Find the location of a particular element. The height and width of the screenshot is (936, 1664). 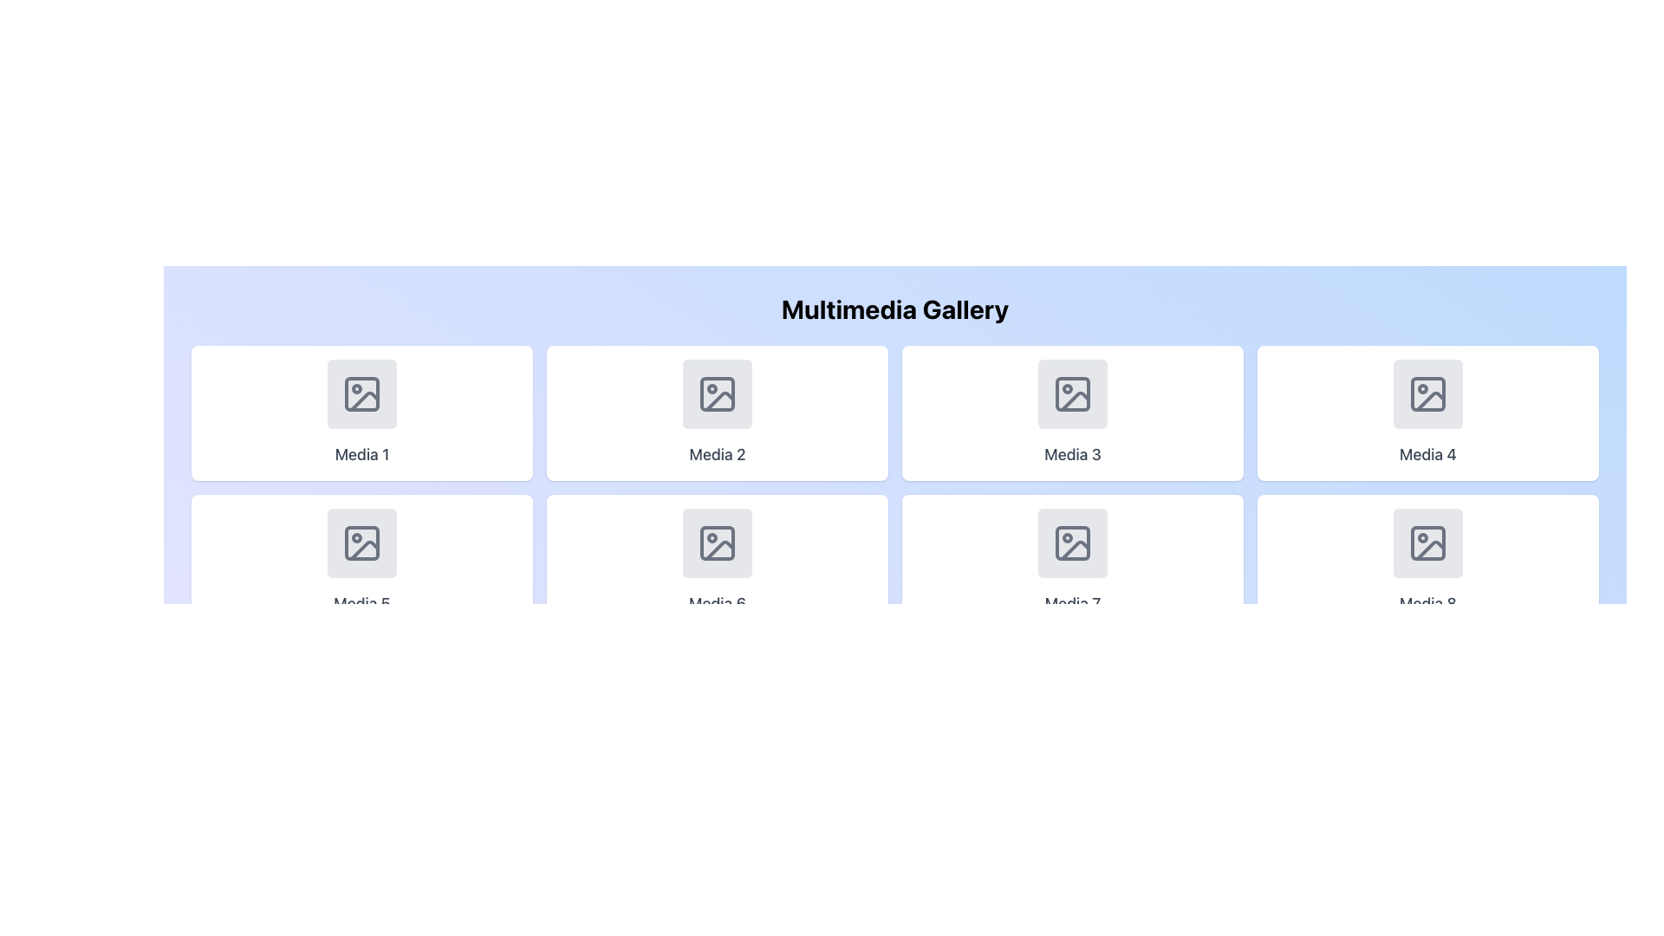

the photograph icon located in the 'Multimedia Gallery' section is located at coordinates (361, 394).